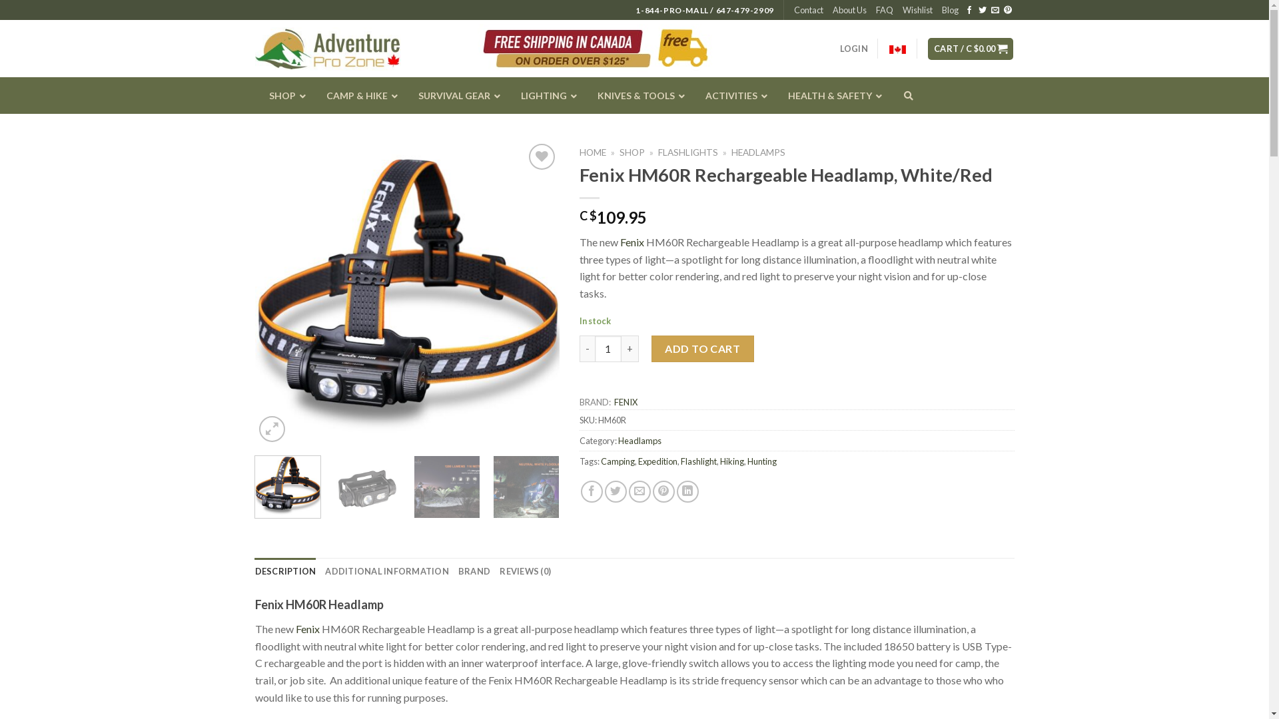  Describe the element at coordinates (941, 10) in the screenshot. I see `'Blog'` at that location.